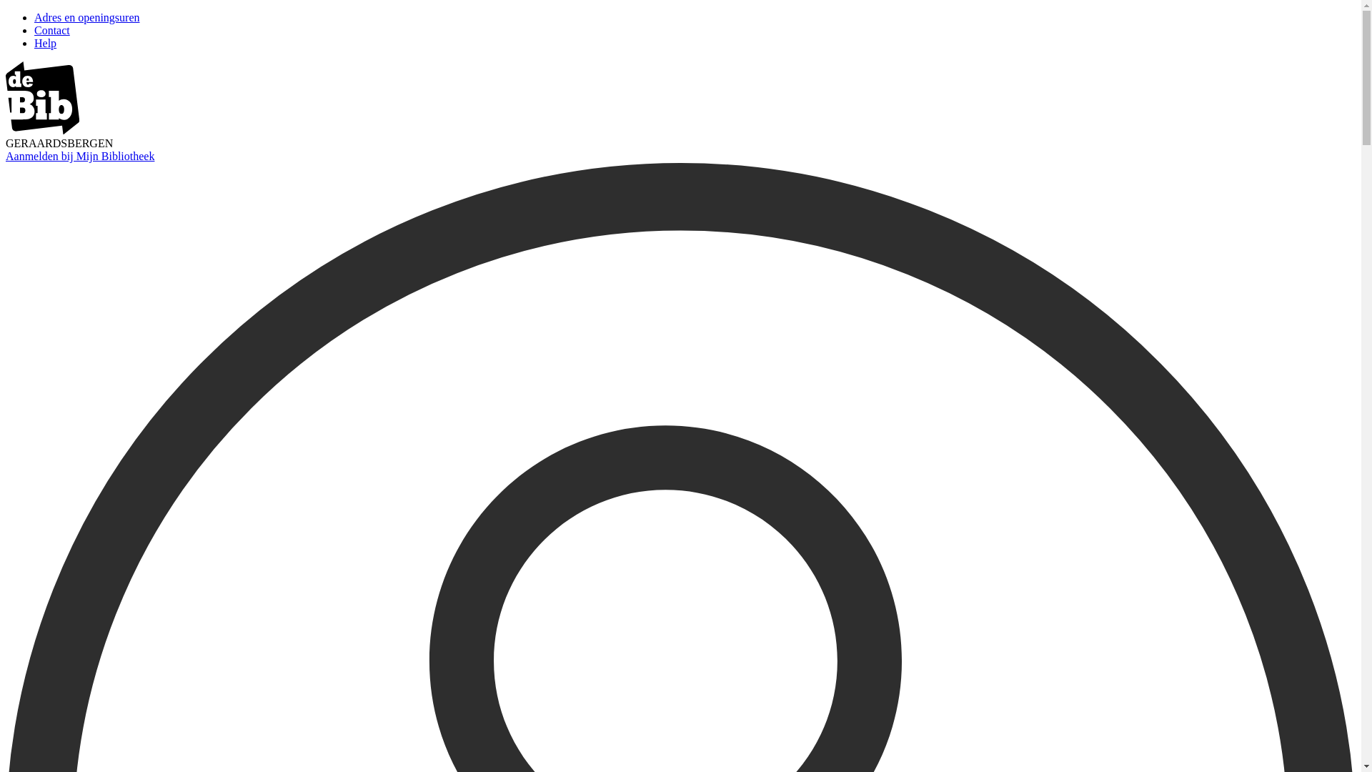 This screenshot has height=772, width=1372. Describe the element at coordinates (45, 42) in the screenshot. I see `'Help'` at that location.